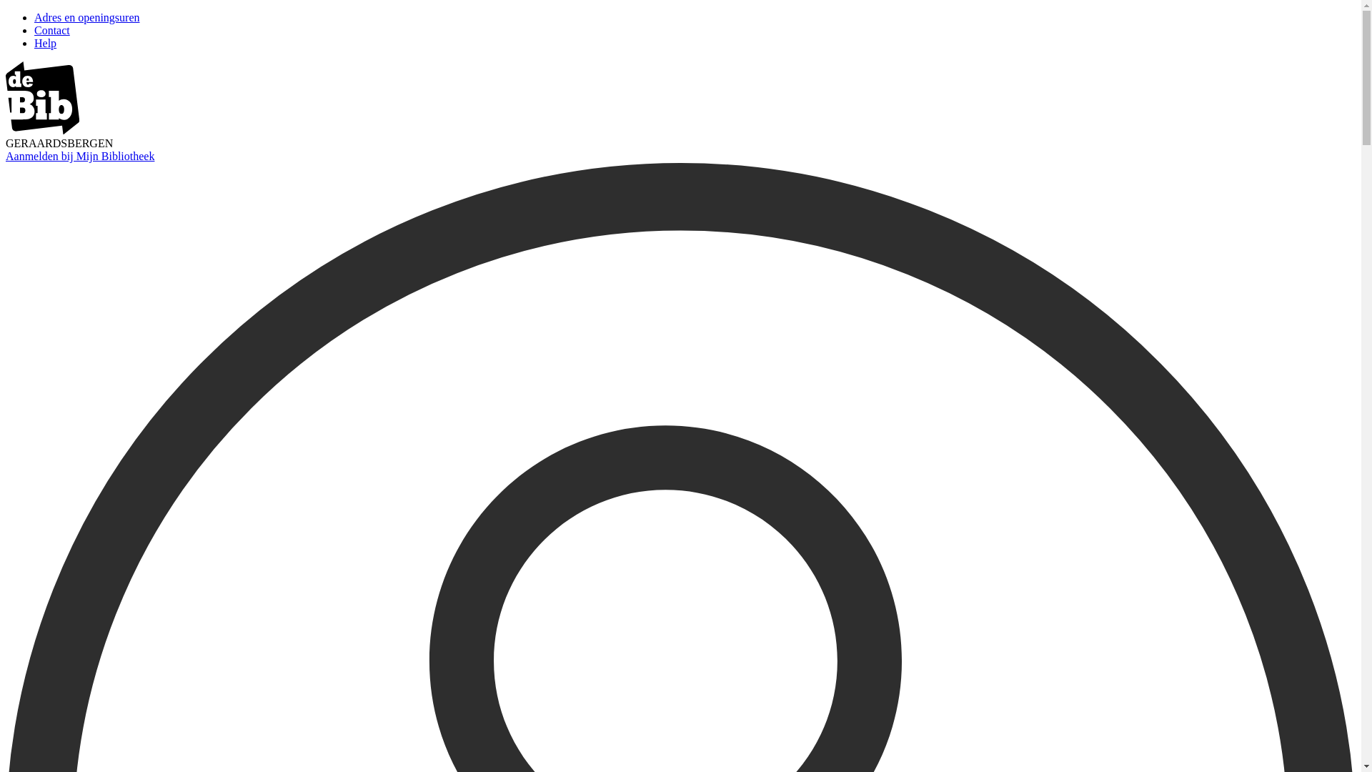 This screenshot has height=772, width=1372. Describe the element at coordinates (45, 42) in the screenshot. I see `'Help'` at that location.